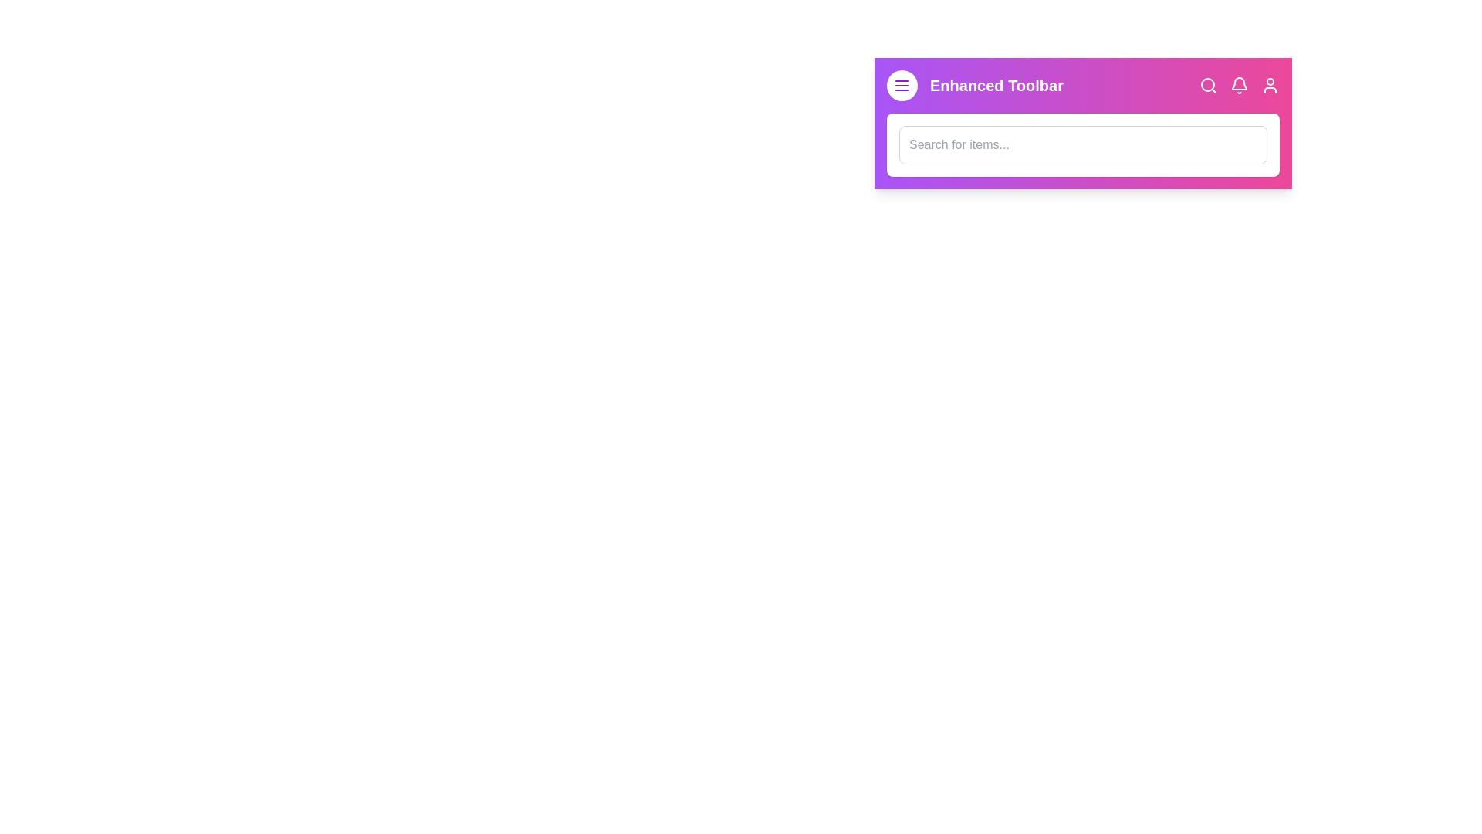  What do you see at coordinates (1271, 86) in the screenshot?
I see `the user icon to access user settings` at bounding box center [1271, 86].